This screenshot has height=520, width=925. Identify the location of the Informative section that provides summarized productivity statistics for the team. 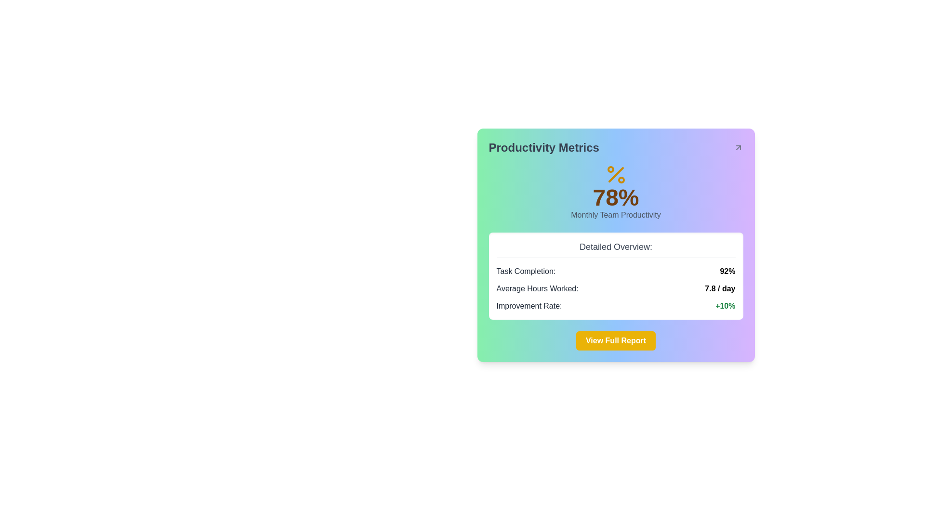
(615, 276).